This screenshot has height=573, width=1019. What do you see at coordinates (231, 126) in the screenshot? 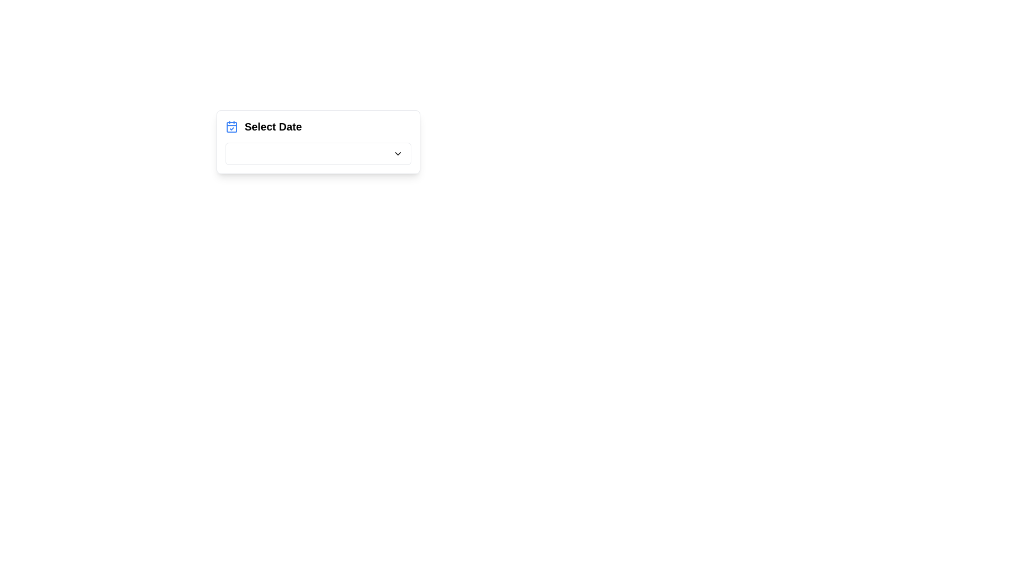
I see `the appearance of the blue calendar icon with a checkmark, located to the left of the 'Select Date' label` at bounding box center [231, 126].